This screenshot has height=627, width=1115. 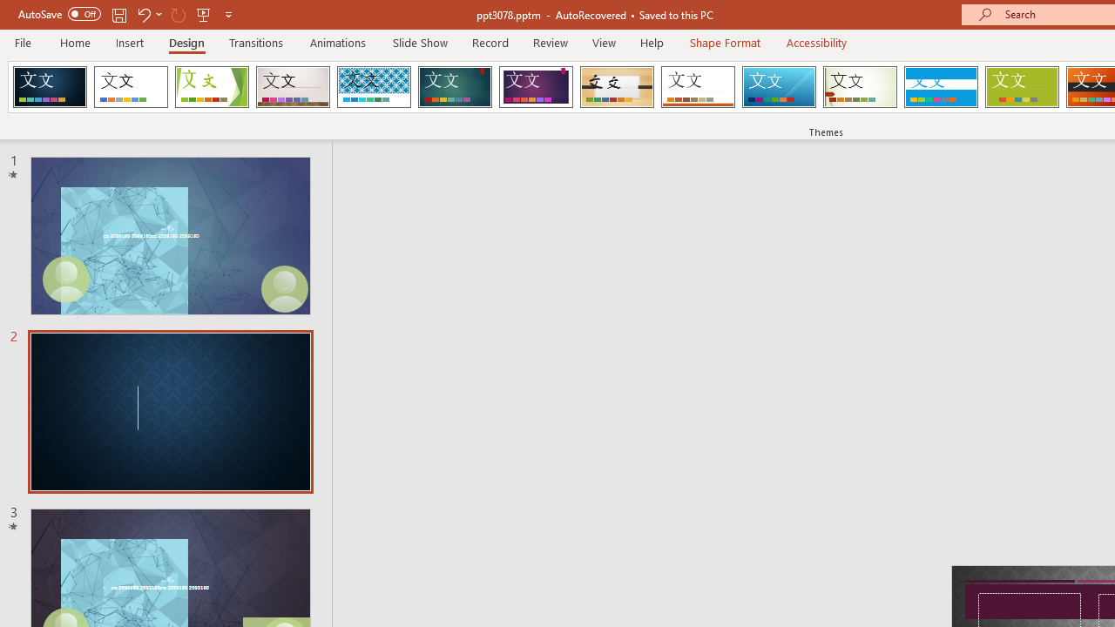 What do you see at coordinates (118, 14) in the screenshot?
I see `'Save'` at bounding box center [118, 14].